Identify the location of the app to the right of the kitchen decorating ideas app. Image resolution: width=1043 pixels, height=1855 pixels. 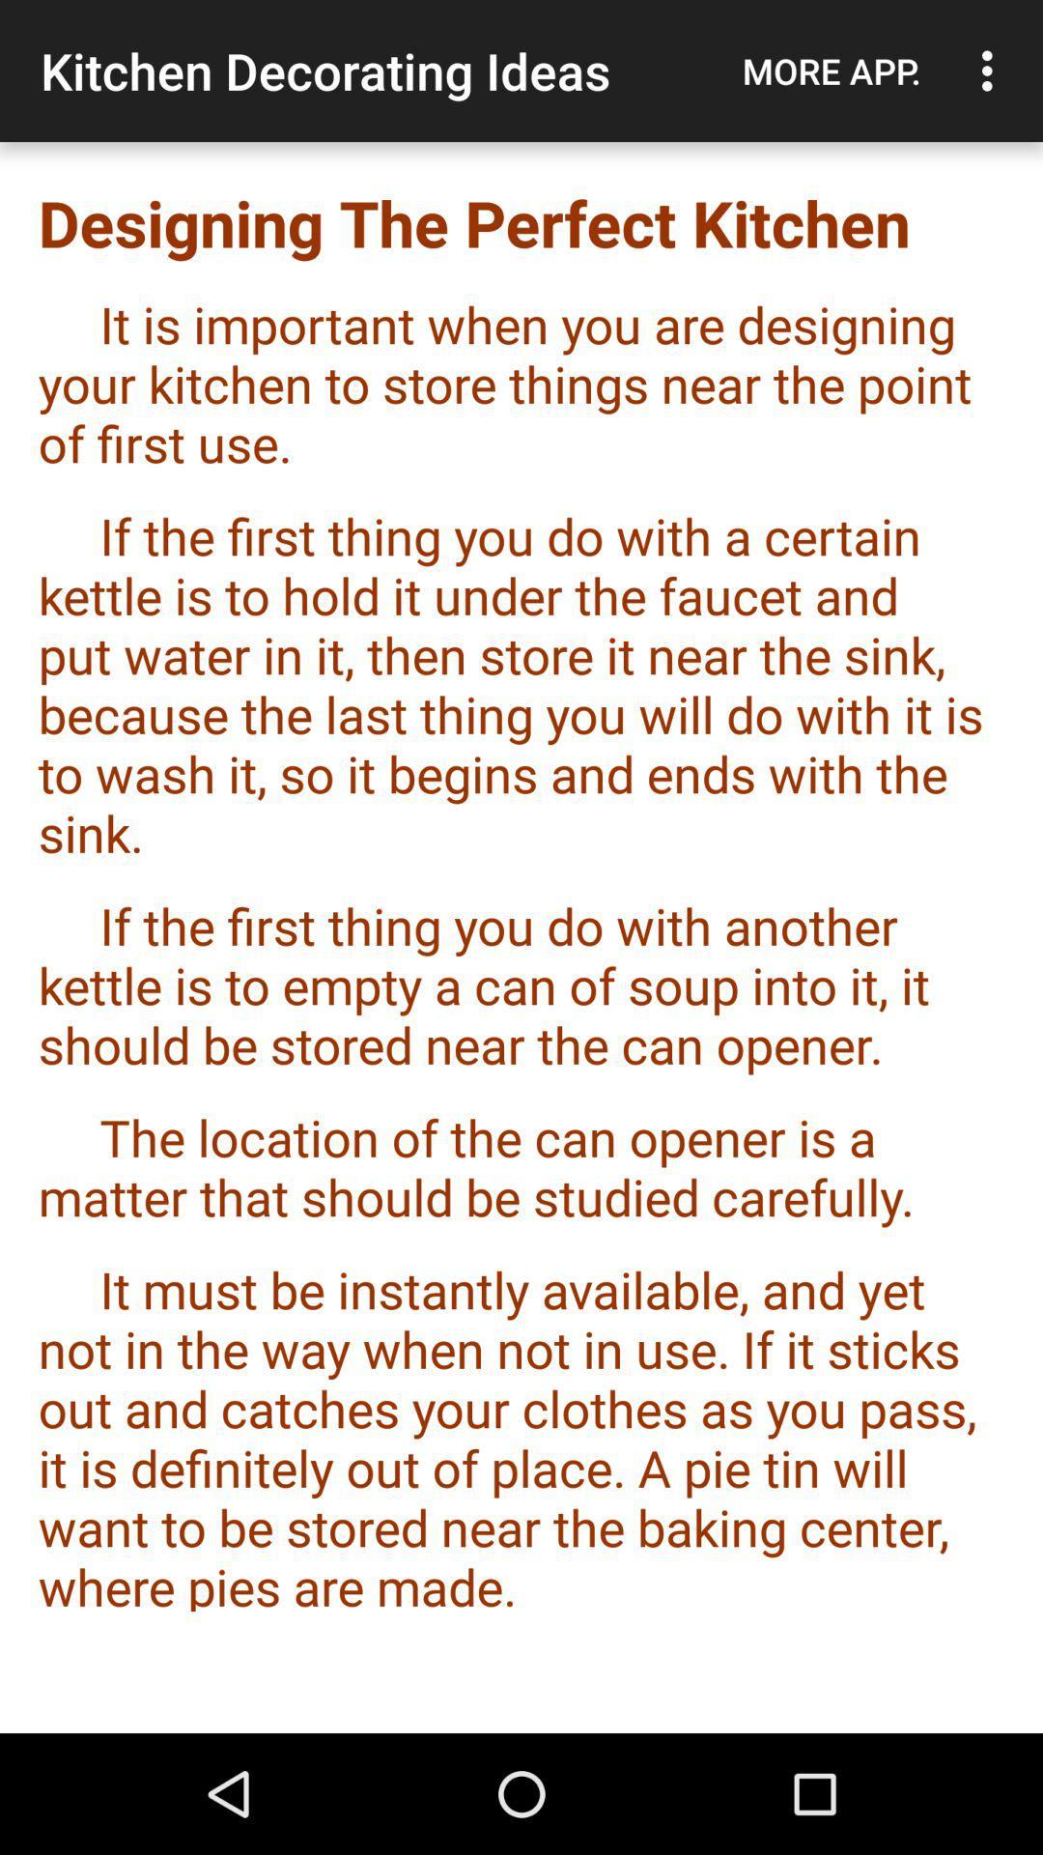
(831, 71).